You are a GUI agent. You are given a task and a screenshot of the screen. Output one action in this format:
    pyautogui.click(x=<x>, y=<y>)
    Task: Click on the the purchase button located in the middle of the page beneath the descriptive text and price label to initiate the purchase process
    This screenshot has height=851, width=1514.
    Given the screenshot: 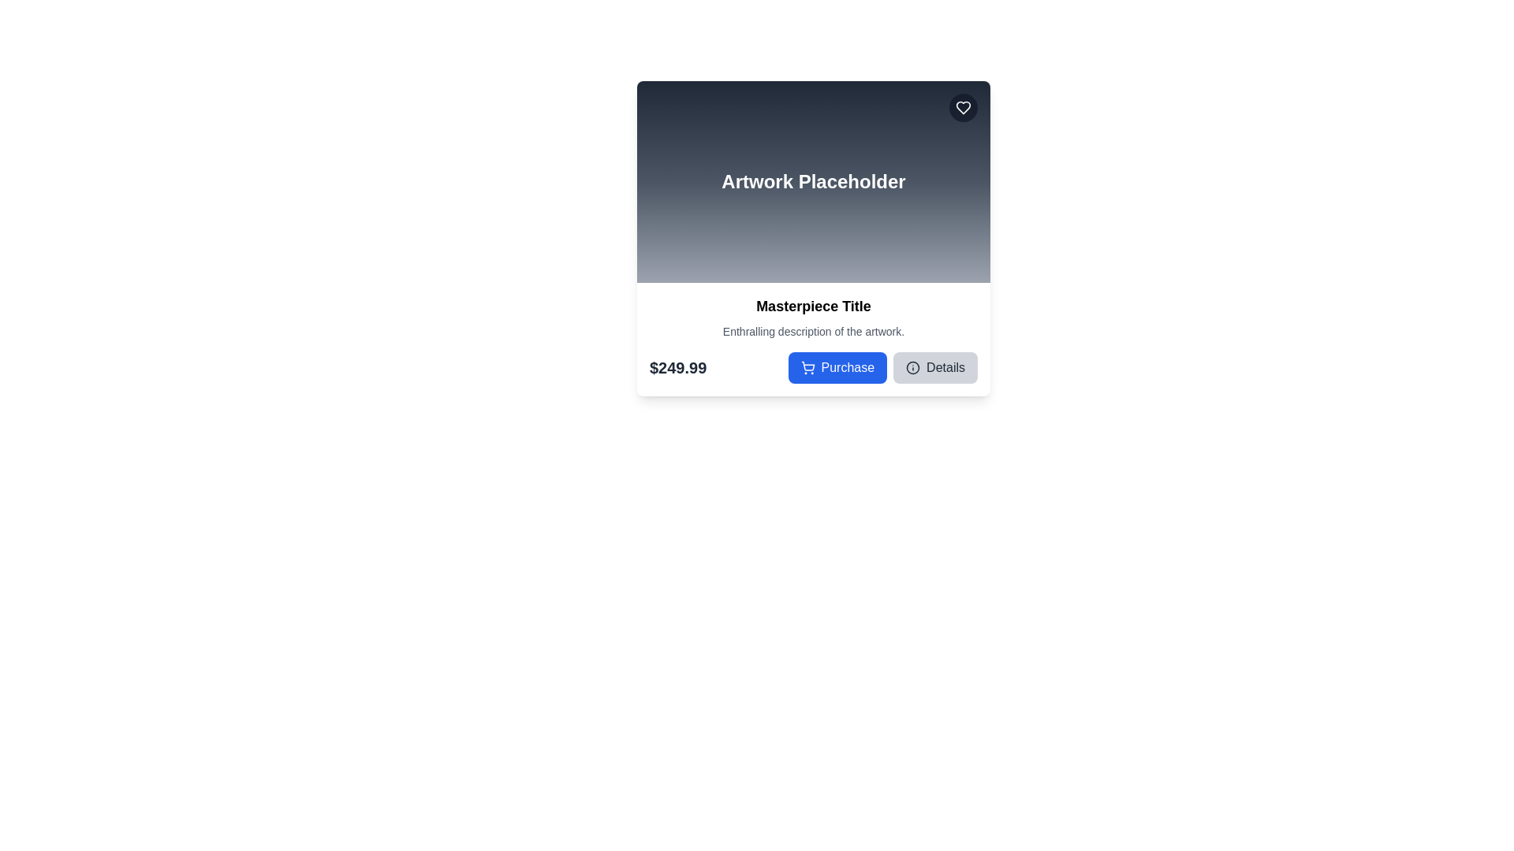 What is the action you would take?
    pyautogui.click(x=837, y=367)
    